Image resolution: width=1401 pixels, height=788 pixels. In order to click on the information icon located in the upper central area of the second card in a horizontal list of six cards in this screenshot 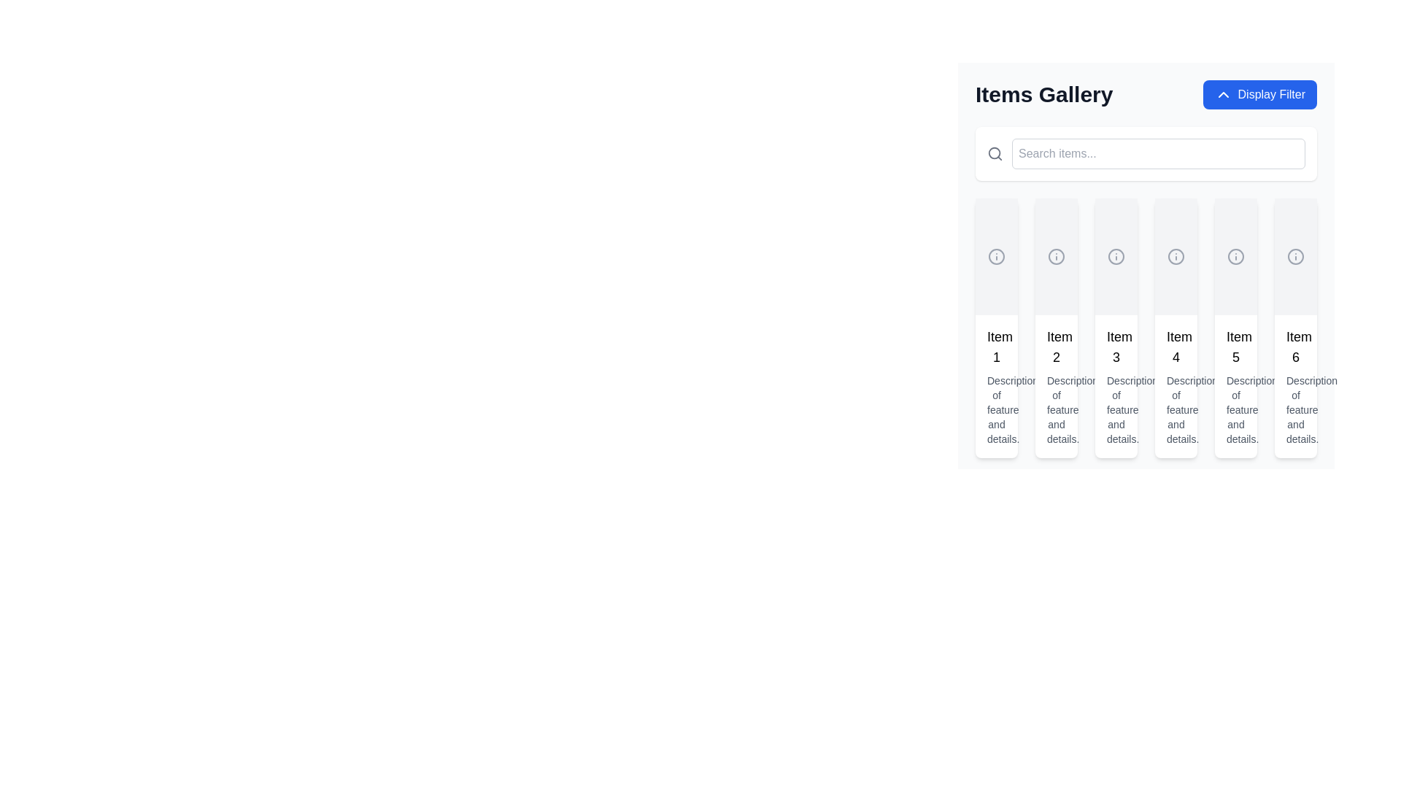, I will do `click(1057, 255)`.